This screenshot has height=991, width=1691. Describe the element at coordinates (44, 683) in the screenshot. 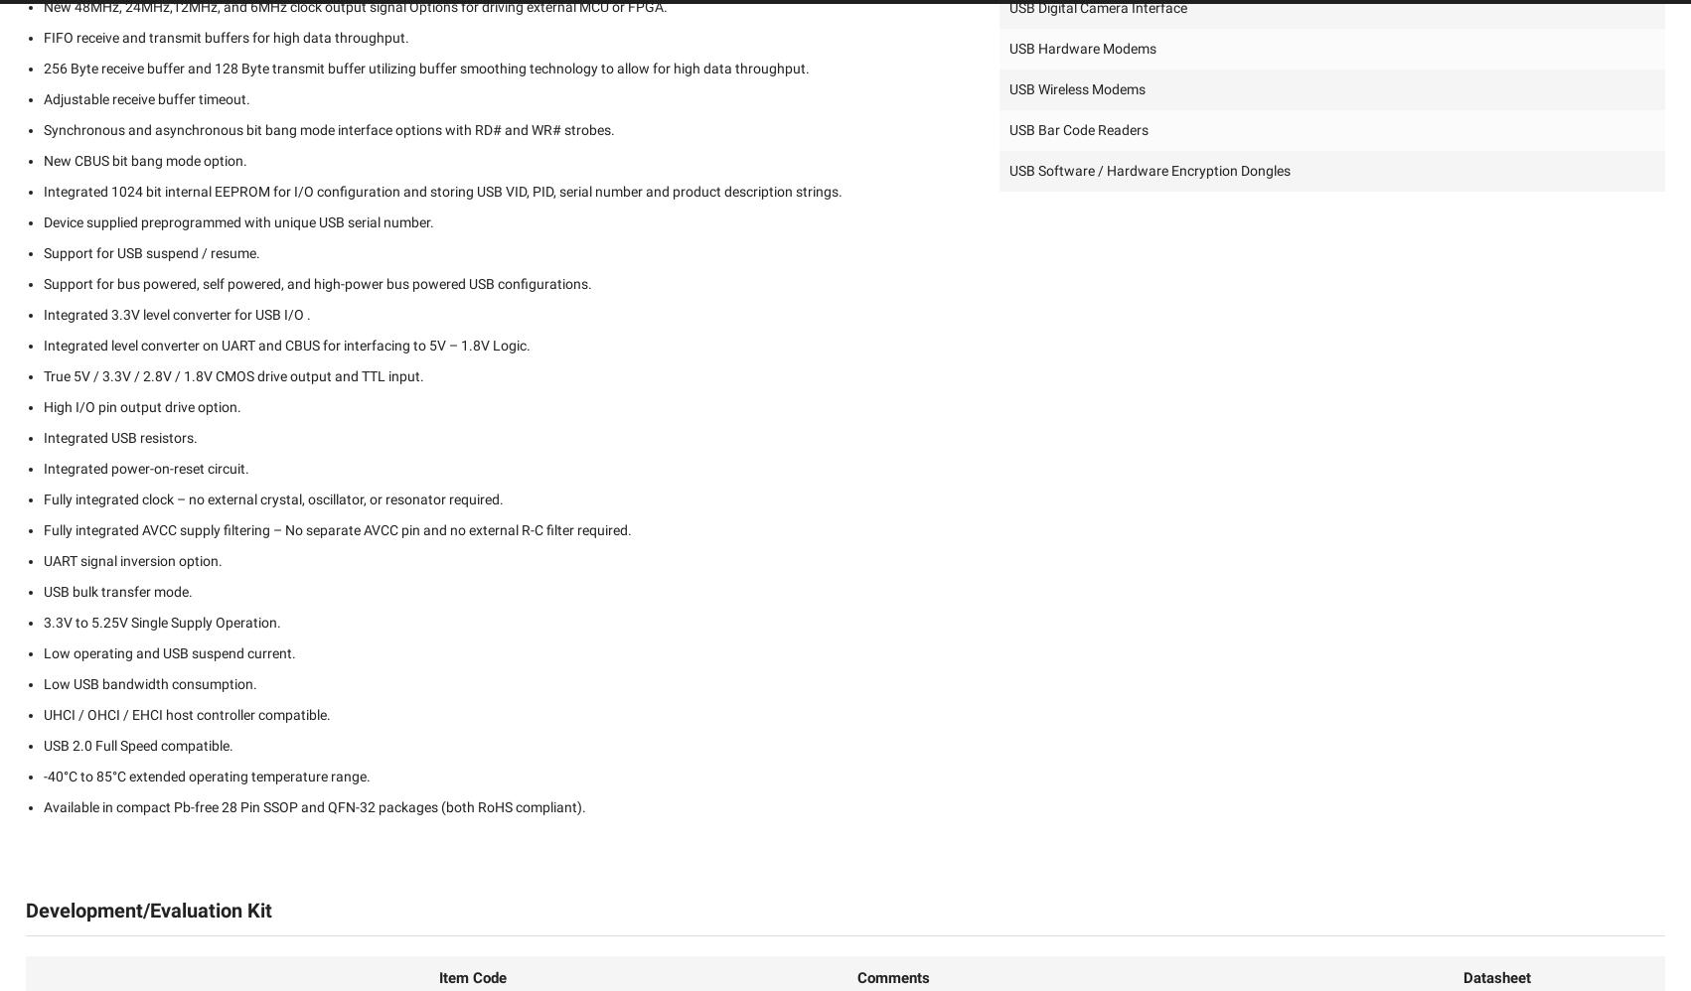

I see `'Low USB bandwidth consumption.'` at that location.